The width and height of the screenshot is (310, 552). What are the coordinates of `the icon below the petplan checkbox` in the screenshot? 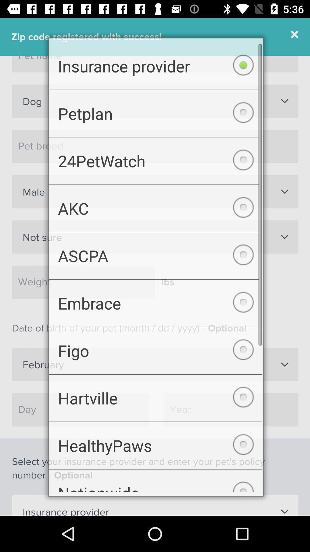 It's located at (156, 158).